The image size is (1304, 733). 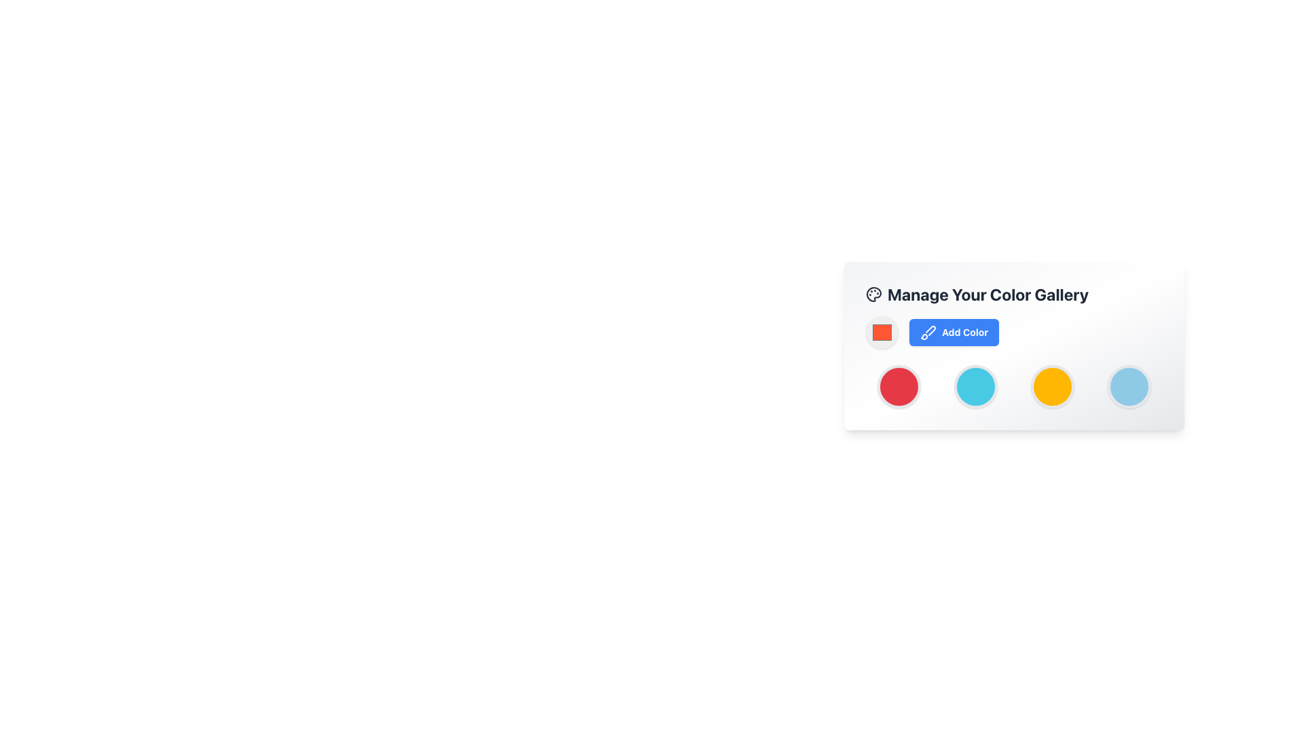 I want to click on the third circular button with a turquoise background and white border in the 'Manage Your Color Gallery' section, so click(x=975, y=387).